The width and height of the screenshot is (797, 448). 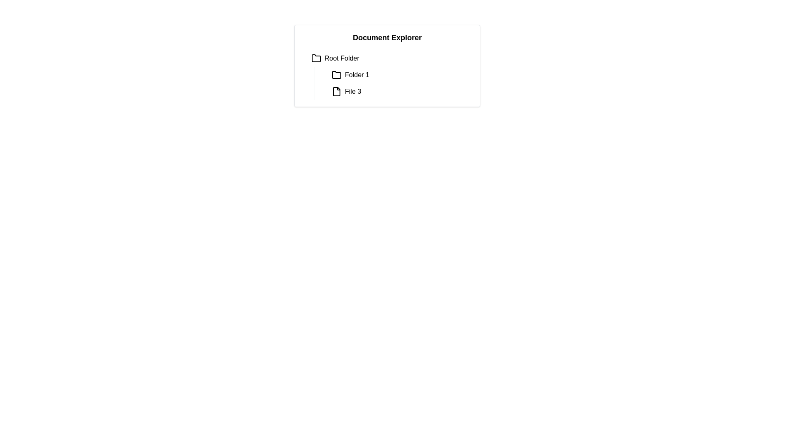 I want to click on the icon representing 'File 3' to focus on it, which is located under the 'Folder 1' hierarchy and positioned to the left of the text 'File 3', so click(x=337, y=91).